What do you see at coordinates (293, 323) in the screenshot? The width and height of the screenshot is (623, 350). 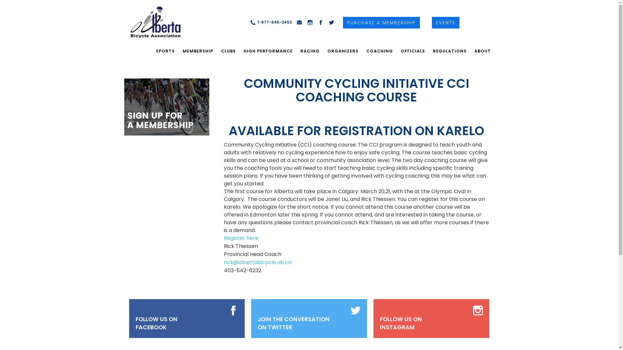 I see `'JOIN THE CONVERSATION` at bounding box center [293, 323].